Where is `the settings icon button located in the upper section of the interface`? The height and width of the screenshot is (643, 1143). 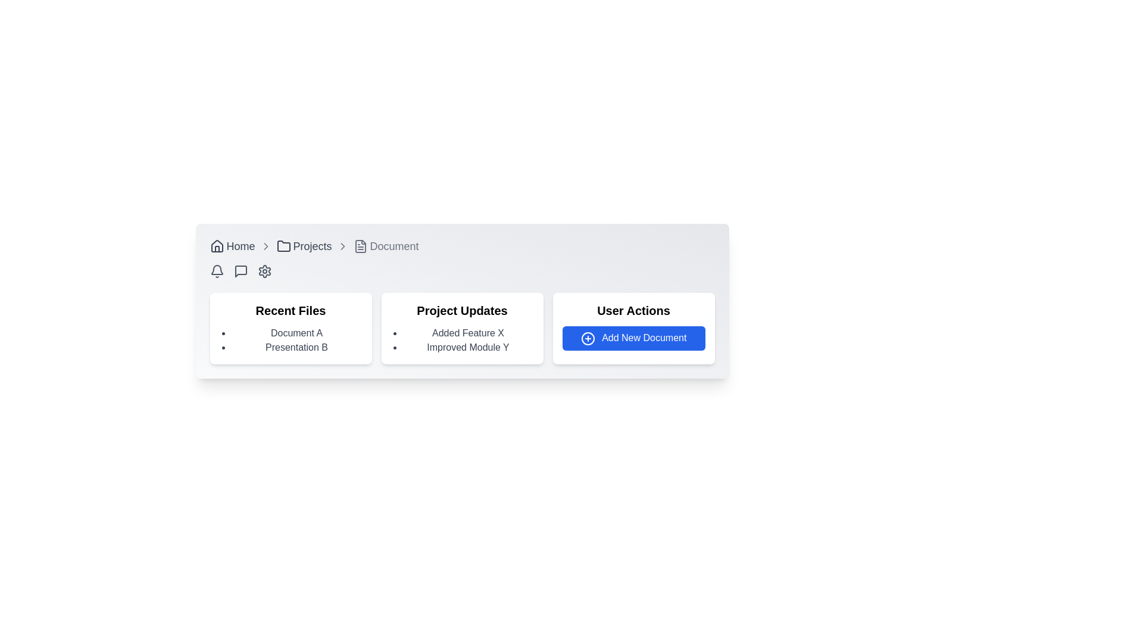
the settings icon button located in the upper section of the interface is located at coordinates (264, 271).